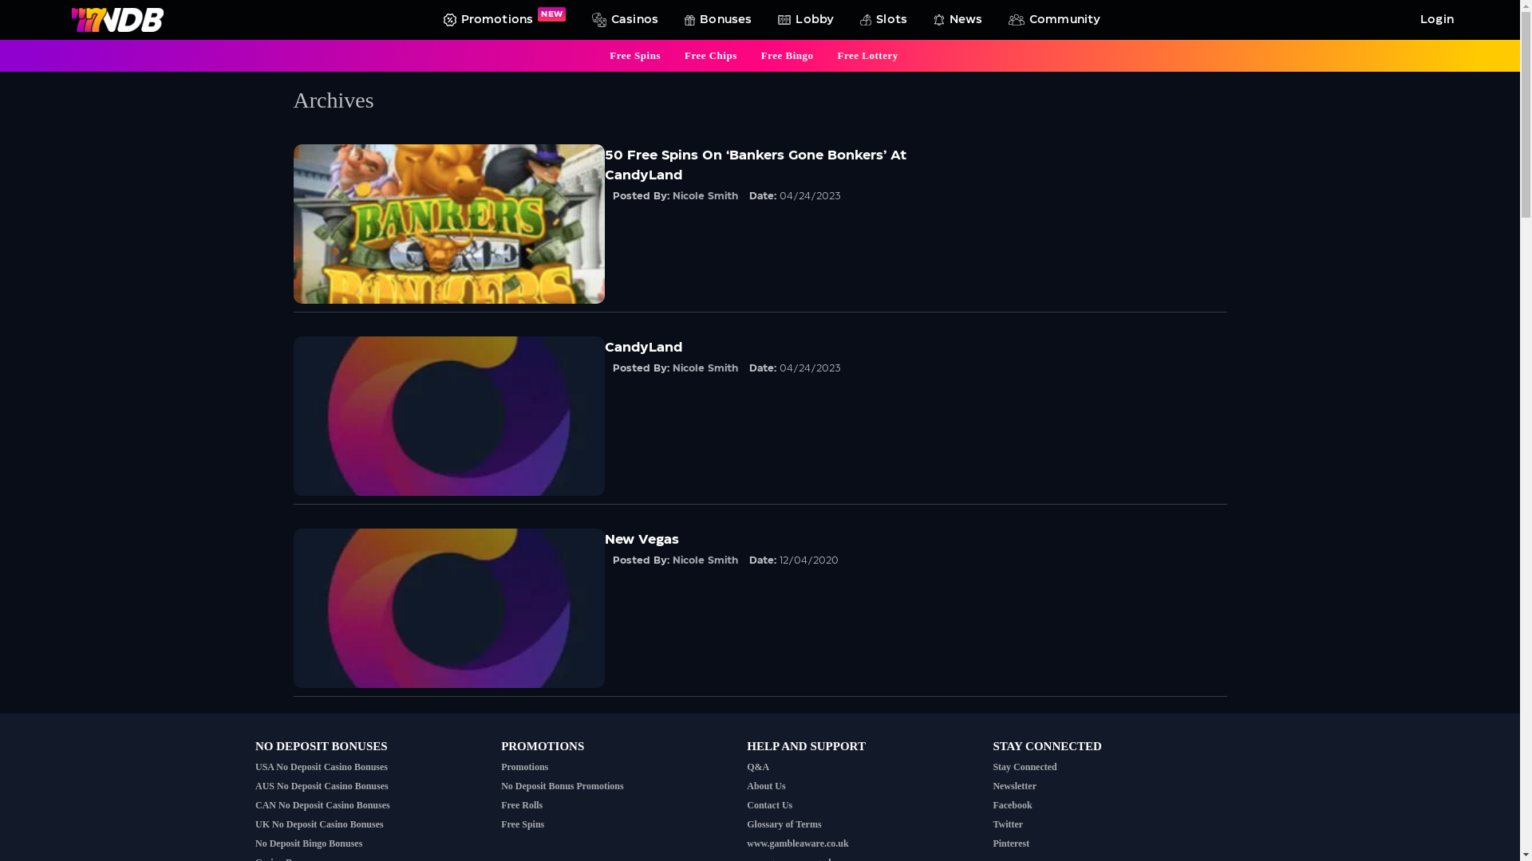 Image resolution: width=1532 pixels, height=861 pixels. I want to click on 'www.gambleaware.co.uk', so click(797, 842).